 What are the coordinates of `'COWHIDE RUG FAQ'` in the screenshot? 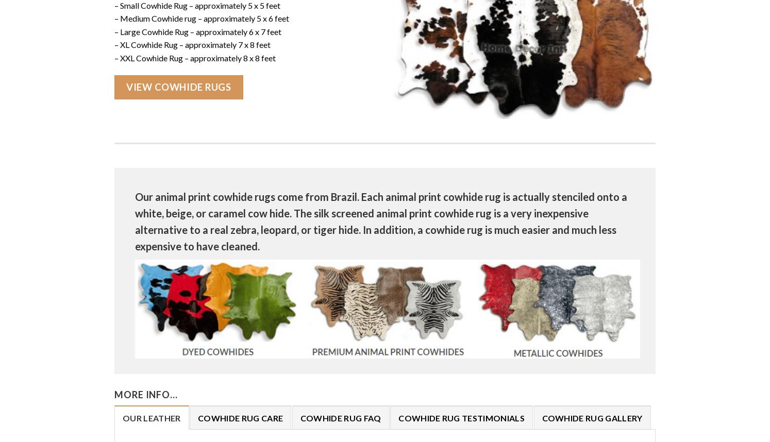 It's located at (340, 417).